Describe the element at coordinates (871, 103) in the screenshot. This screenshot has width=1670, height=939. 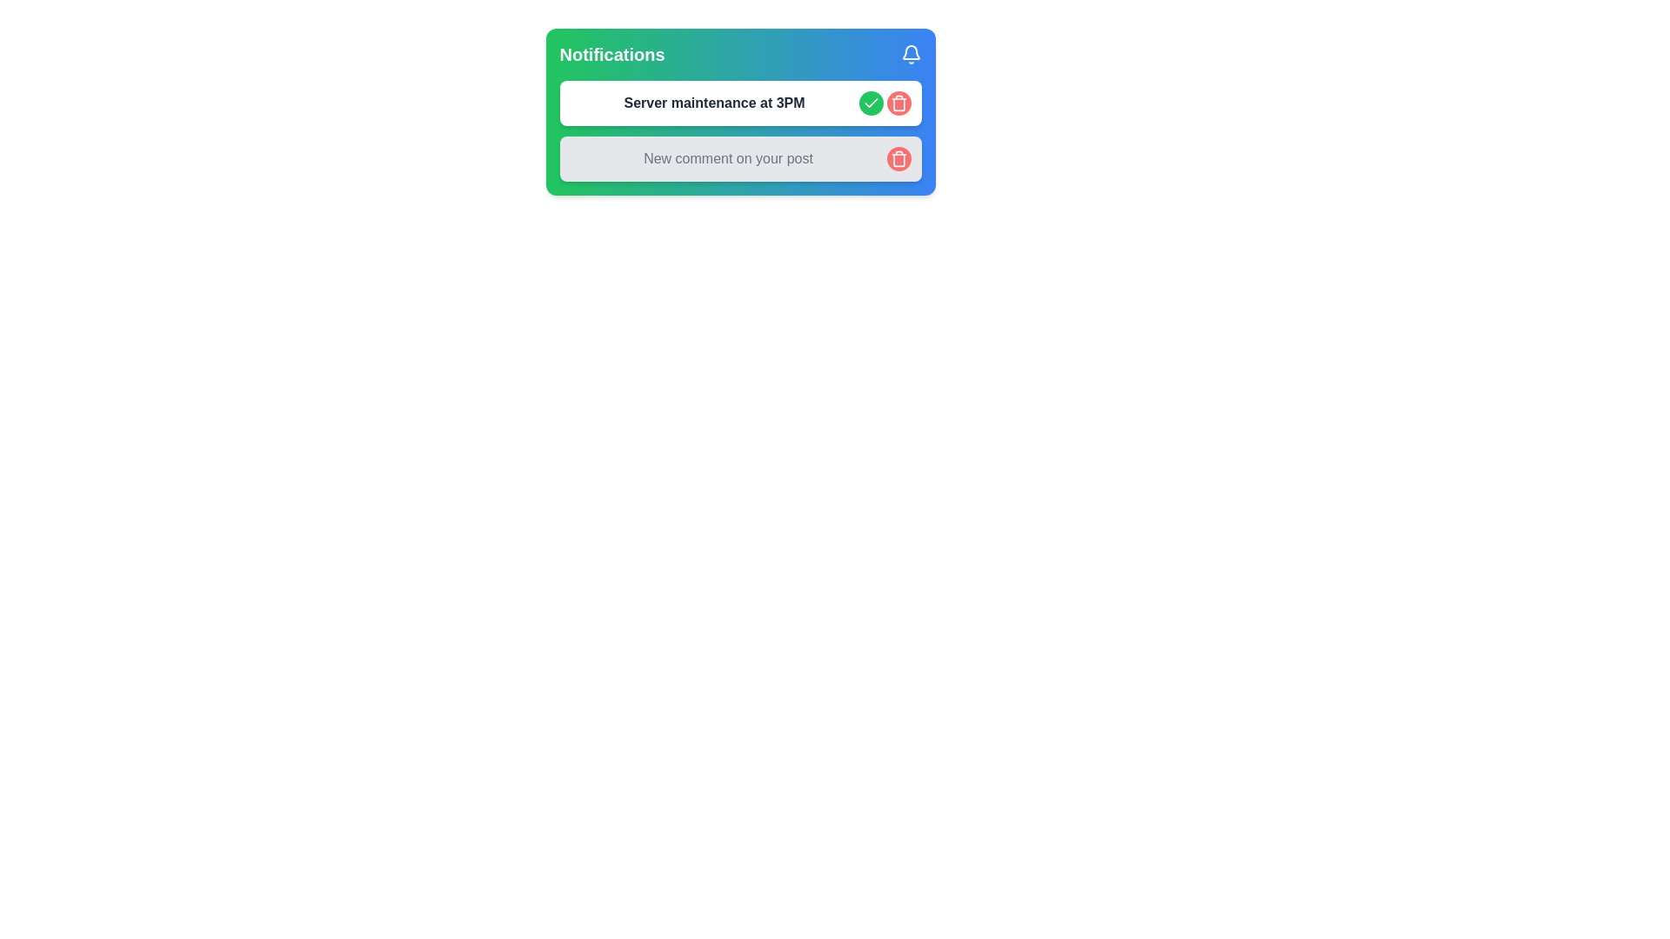
I see `the confirmation button located to the right of the message 'Server maintenance at 3PM' in the notification panel to acknowledge the notification` at that location.